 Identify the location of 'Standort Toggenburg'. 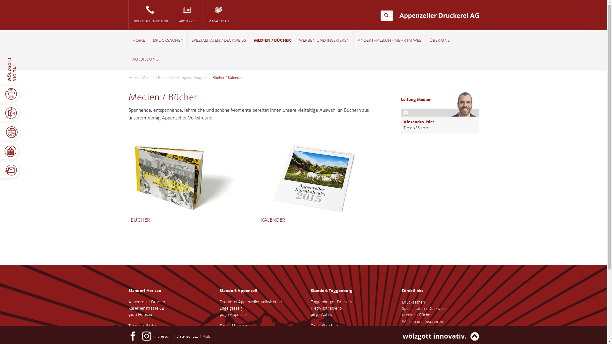
(331, 291).